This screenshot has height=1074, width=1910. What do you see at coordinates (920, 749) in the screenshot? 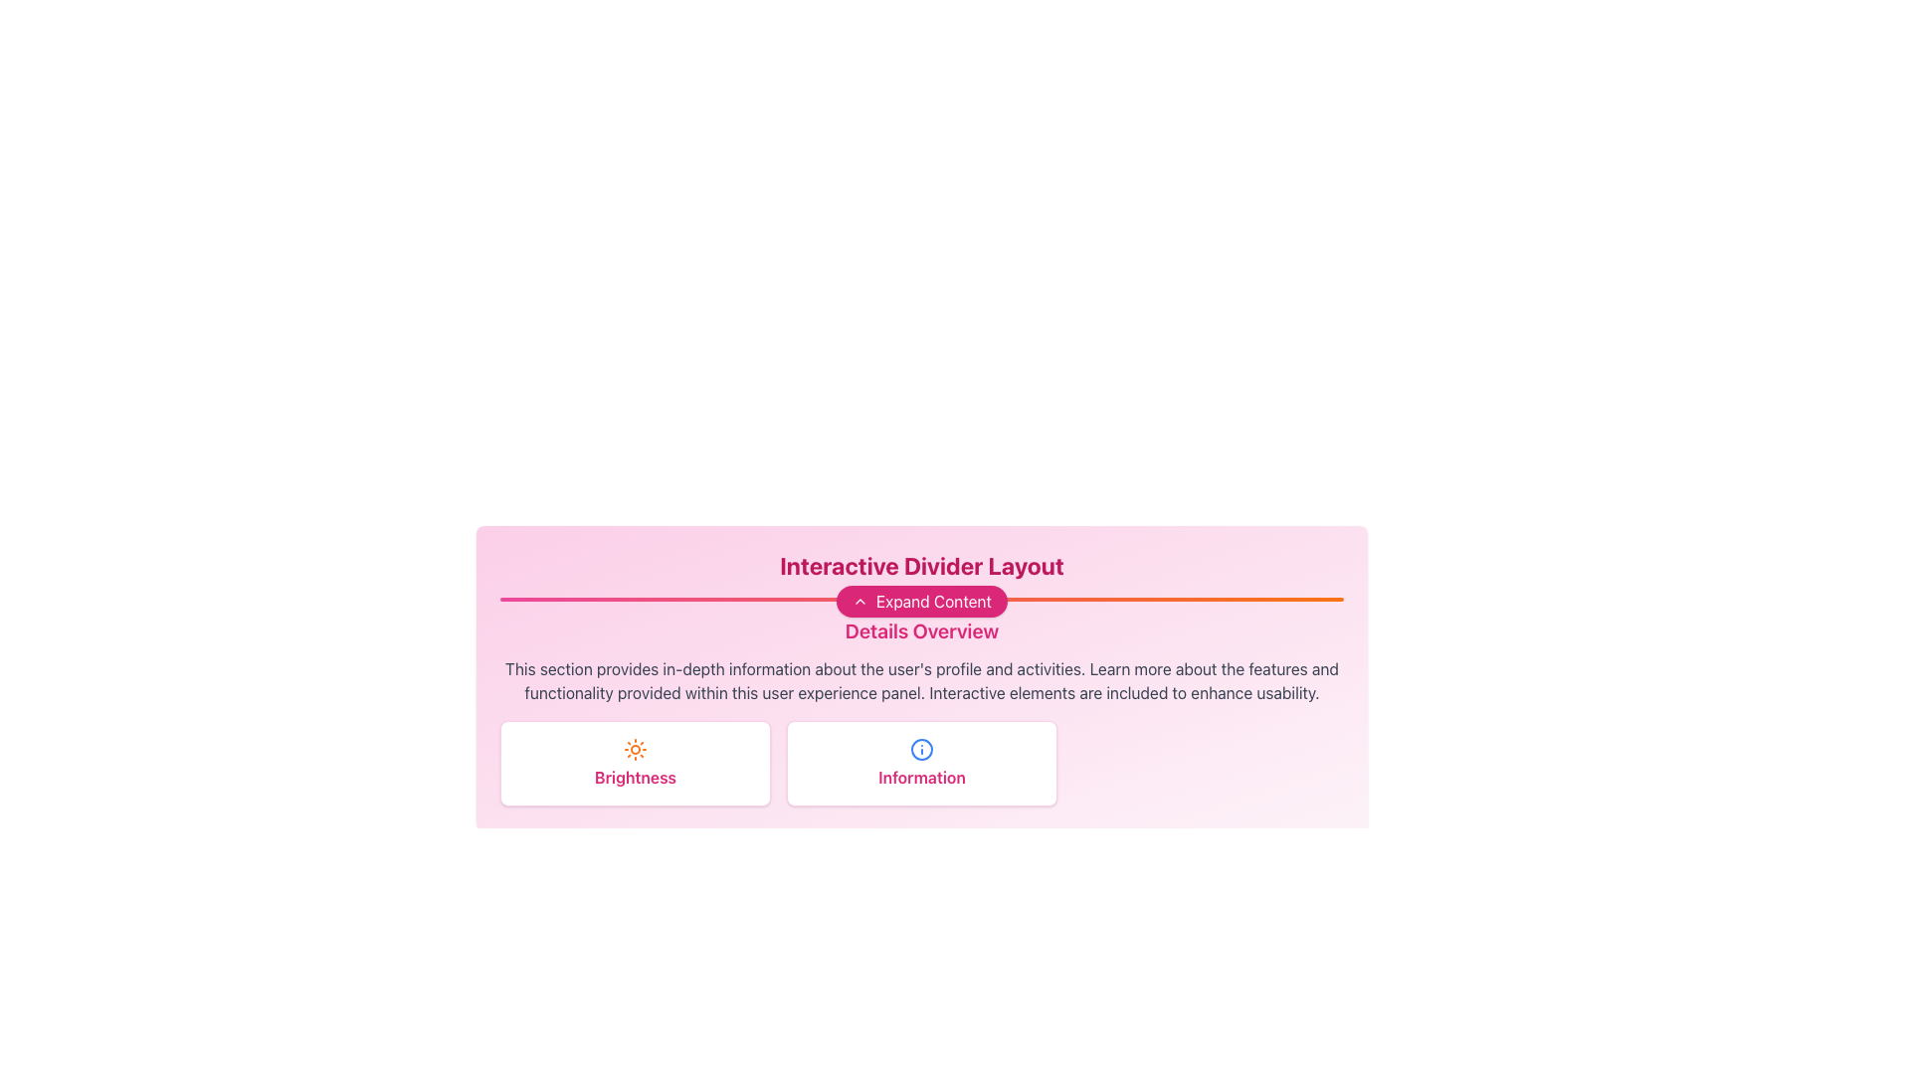
I see `the central circular part of the 'Information' icon within the button` at bounding box center [920, 749].